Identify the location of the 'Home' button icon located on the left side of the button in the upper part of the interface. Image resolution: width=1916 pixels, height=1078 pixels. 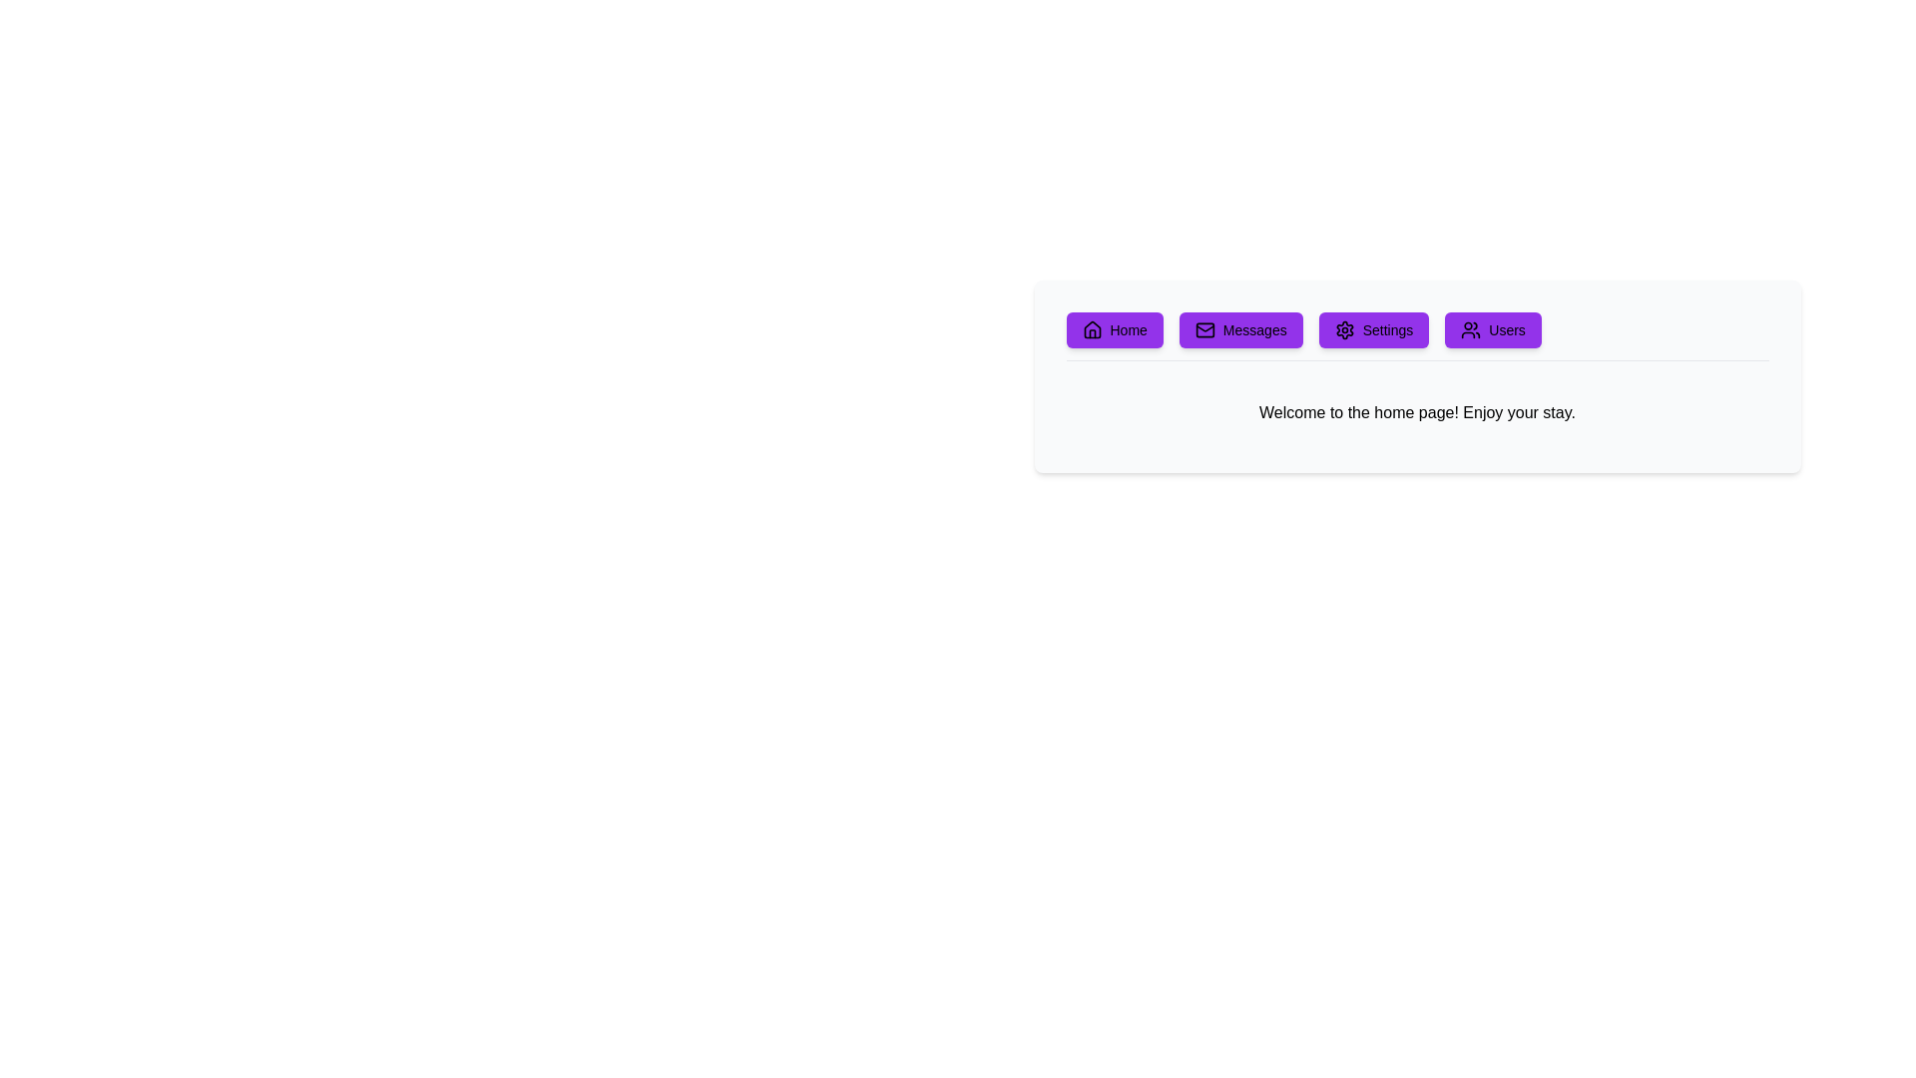
(1091, 329).